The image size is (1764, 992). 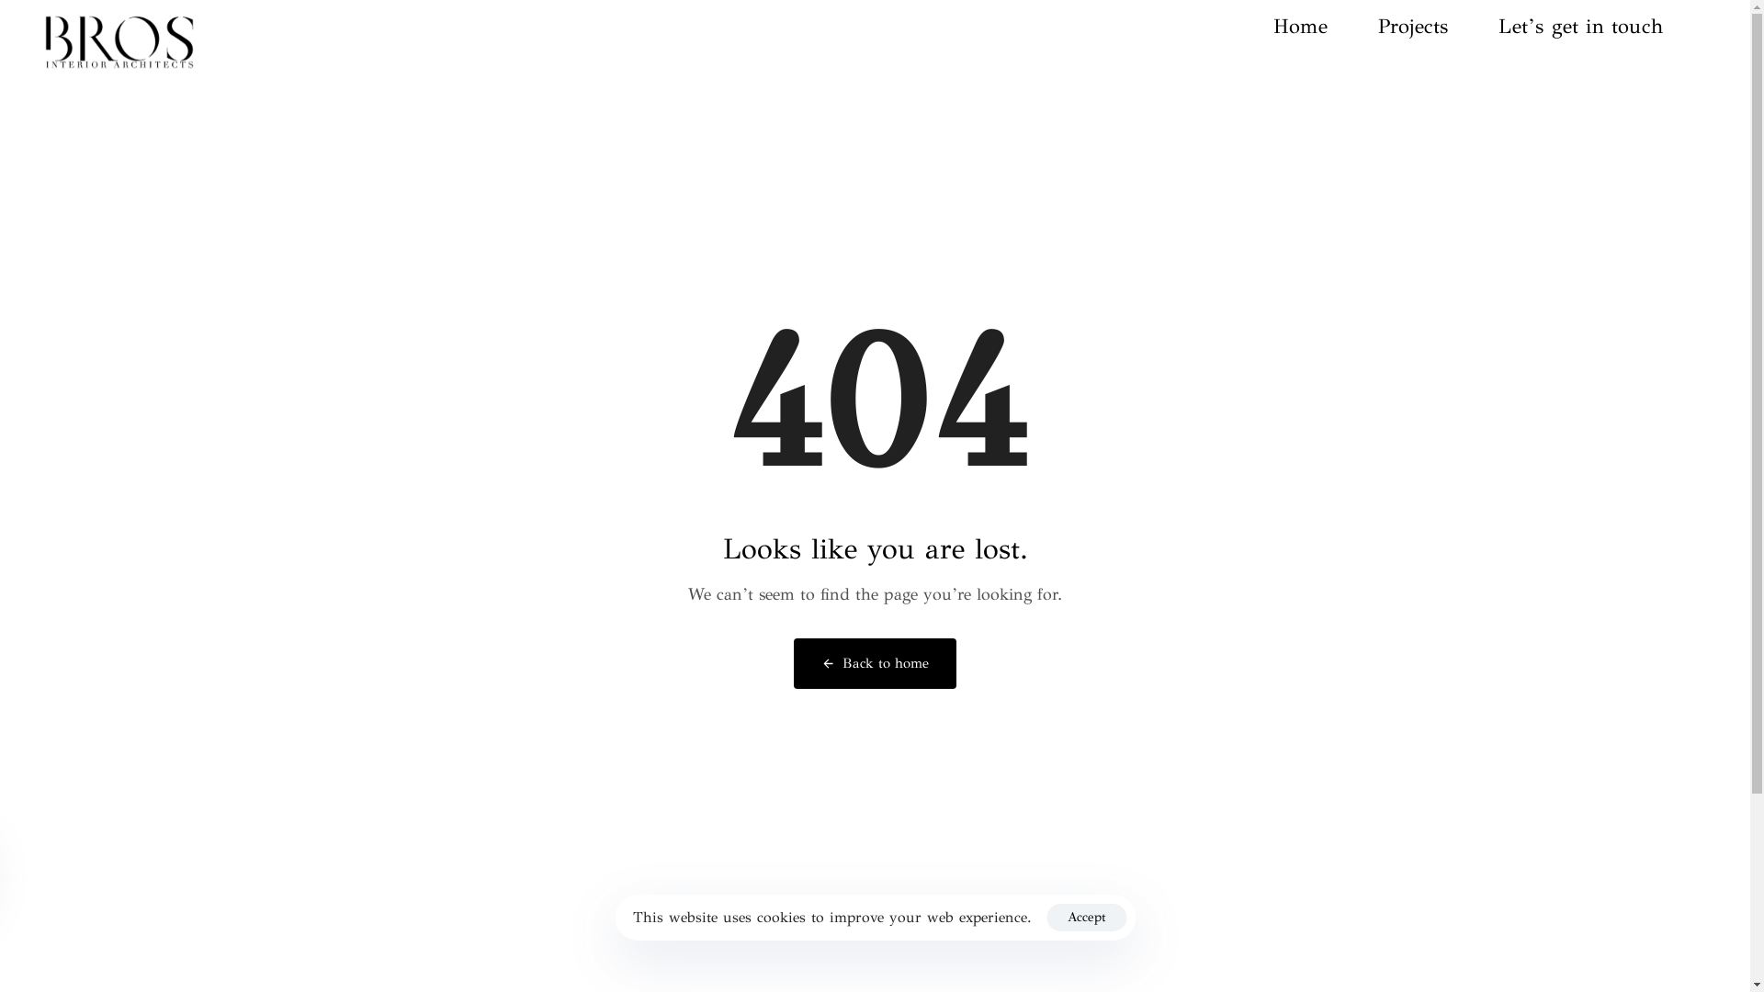 I want to click on 'Accept', so click(x=1046, y=918).